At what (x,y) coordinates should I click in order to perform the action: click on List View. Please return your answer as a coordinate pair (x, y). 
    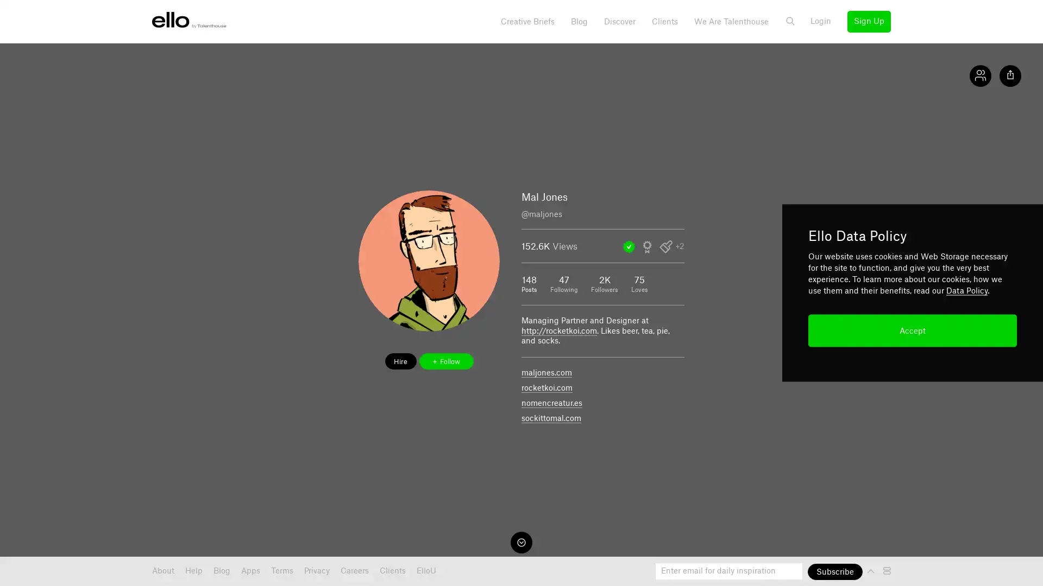
    Looking at the image, I should click on (888, 570).